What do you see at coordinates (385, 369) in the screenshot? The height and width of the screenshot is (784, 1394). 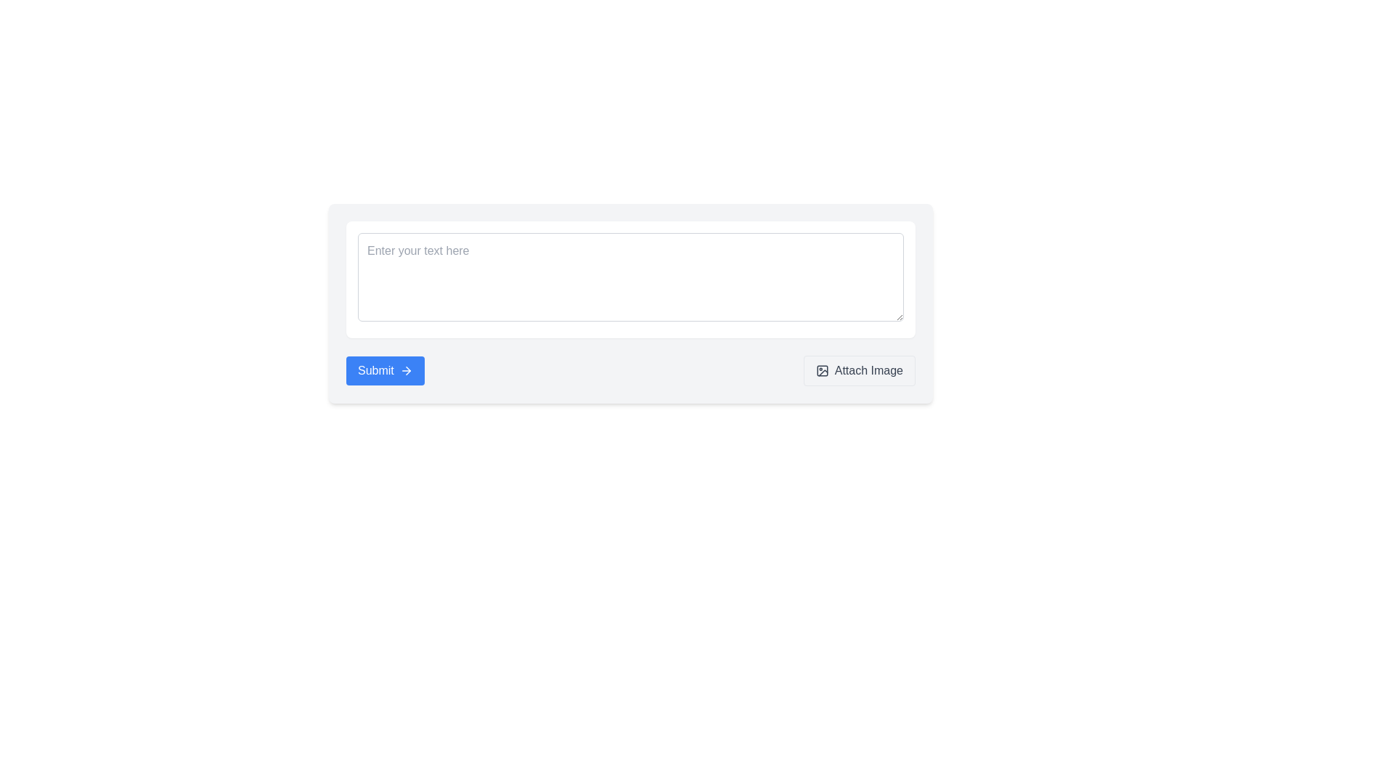 I see `the submit button located in the bottom-left part of the form section` at bounding box center [385, 369].